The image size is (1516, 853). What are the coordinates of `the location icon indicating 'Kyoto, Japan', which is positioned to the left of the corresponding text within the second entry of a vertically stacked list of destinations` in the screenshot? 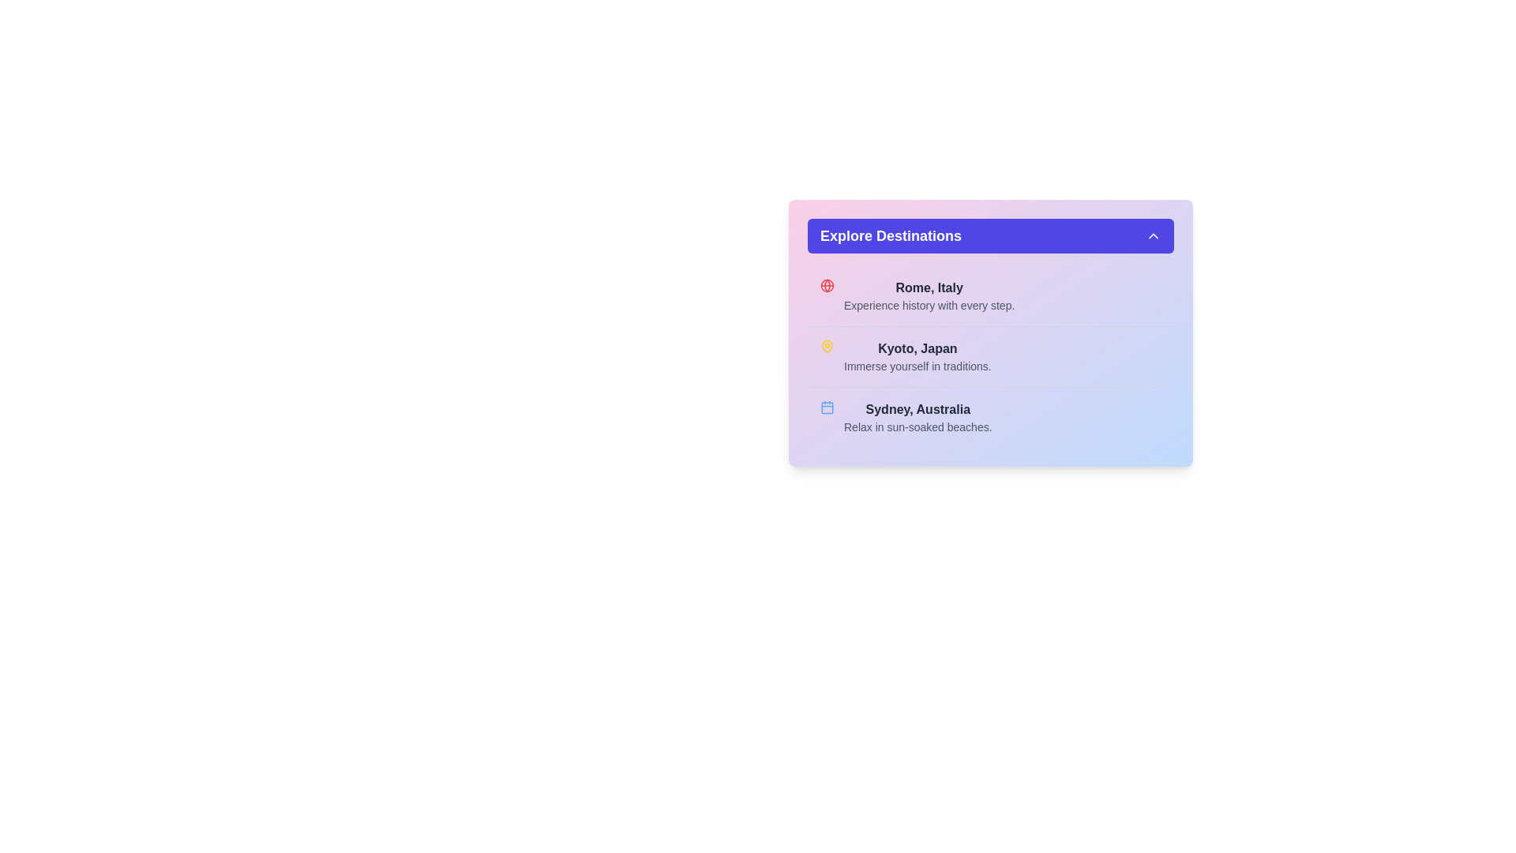 It's located at (826, 356).